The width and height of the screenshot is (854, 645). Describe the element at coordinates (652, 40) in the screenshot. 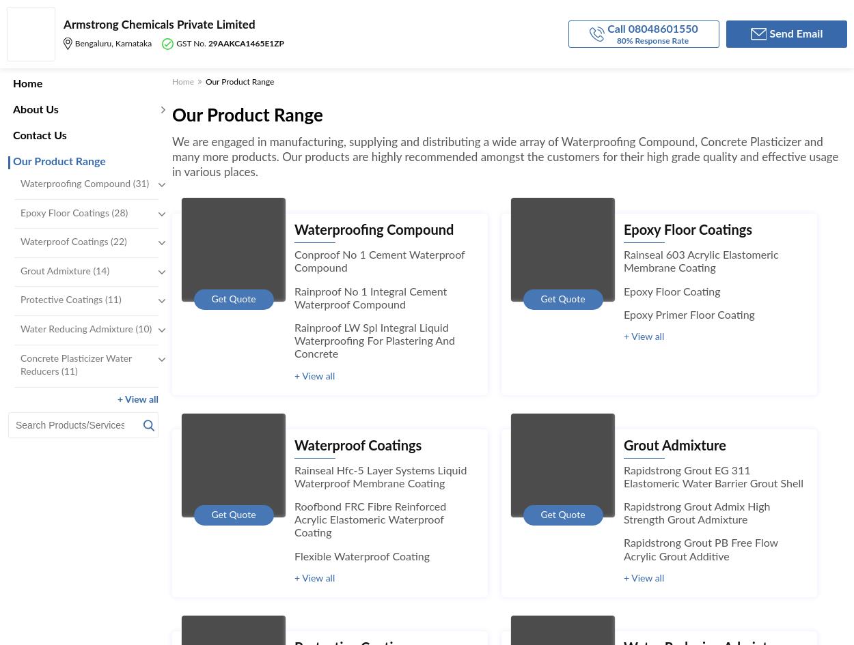

I see `'80% Response Rate'` at that location.